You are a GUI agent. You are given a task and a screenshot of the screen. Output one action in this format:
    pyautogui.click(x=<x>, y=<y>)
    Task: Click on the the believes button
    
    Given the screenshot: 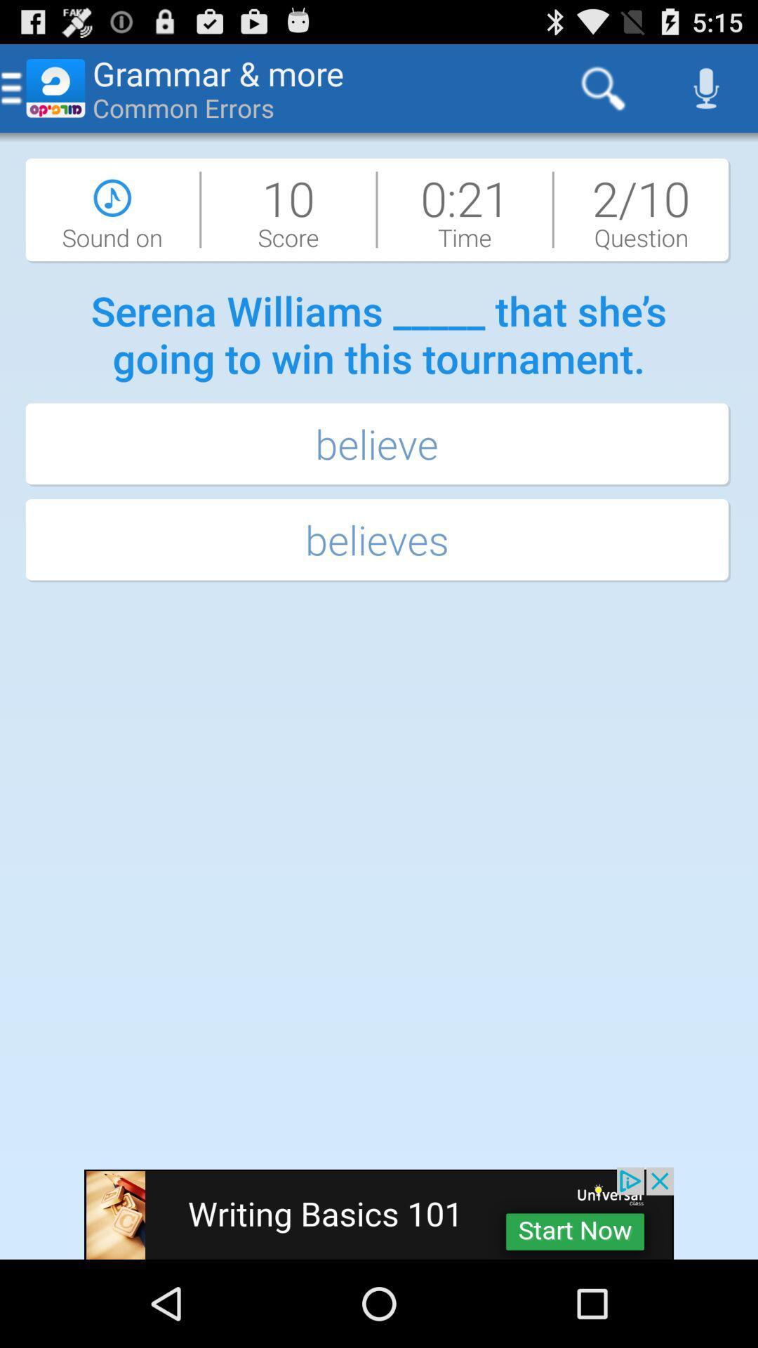 What is the action you would take?
    pyautogui.click(x=379, y=541)
    